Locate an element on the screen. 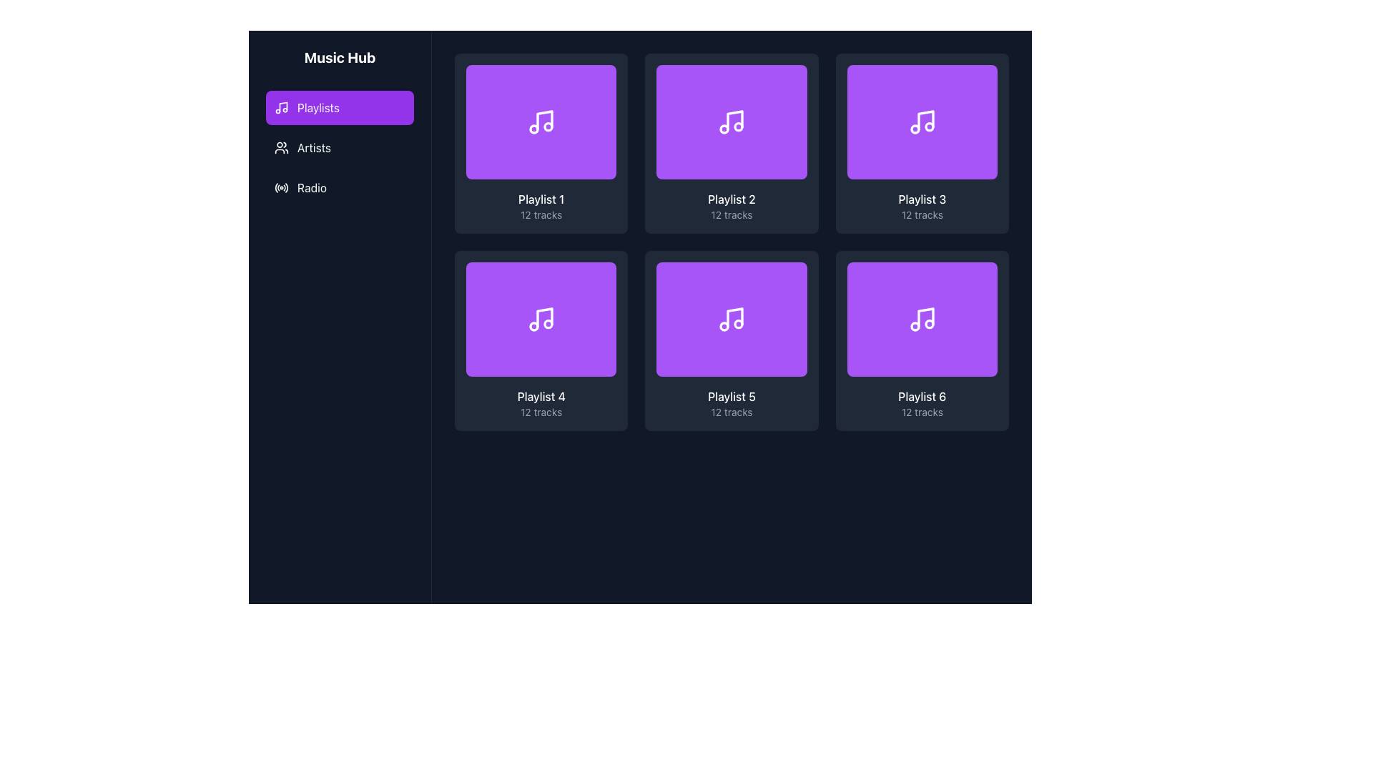 This screenshot has width=1373, height=772. the 'Radio' menu item is located at coordinates (311, 187).